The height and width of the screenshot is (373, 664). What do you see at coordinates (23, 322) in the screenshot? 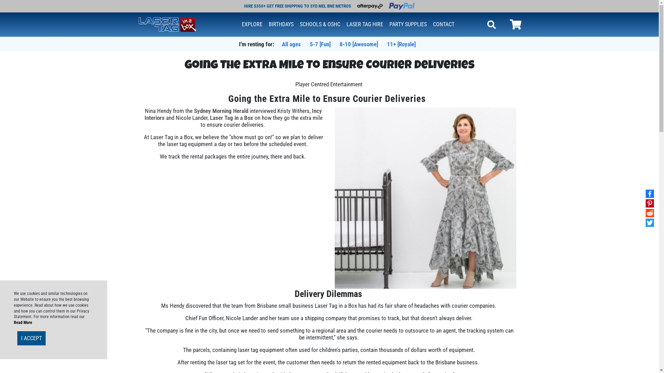
I see `'Read More'` at bounding box center [23, 322].